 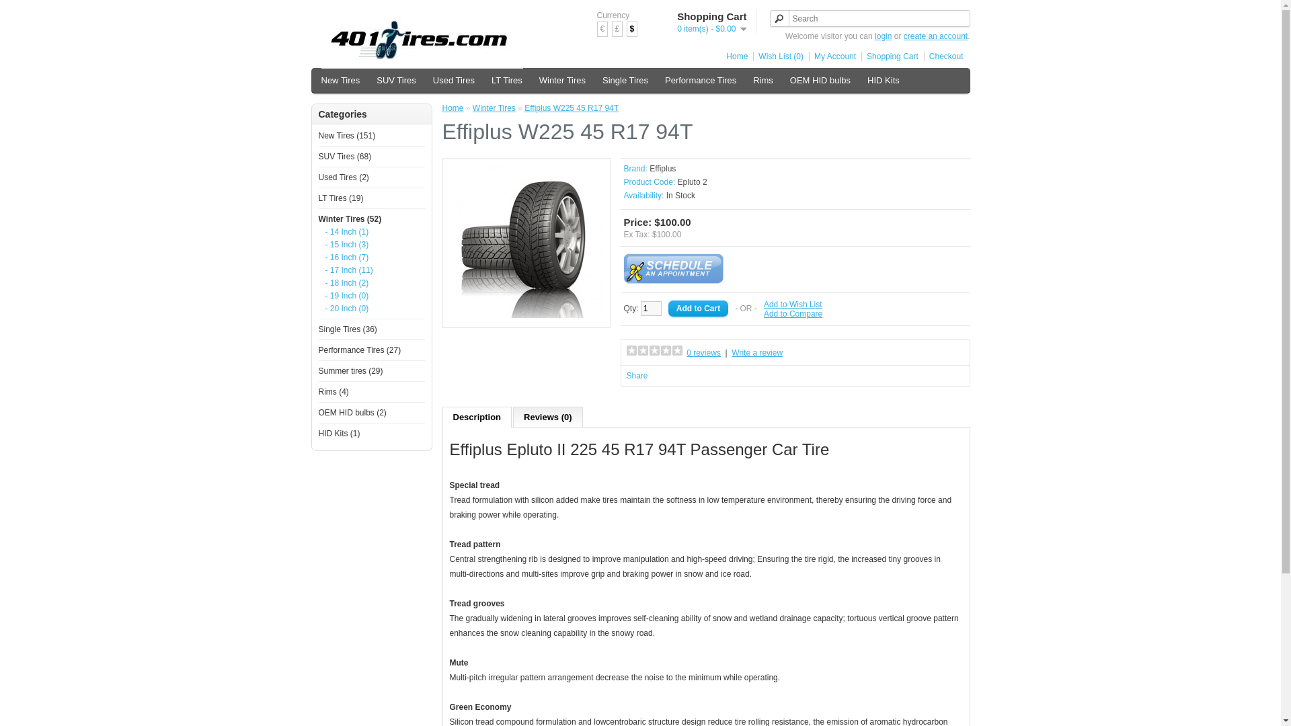 I want to click on 'Description', so click(x=442, y=416).